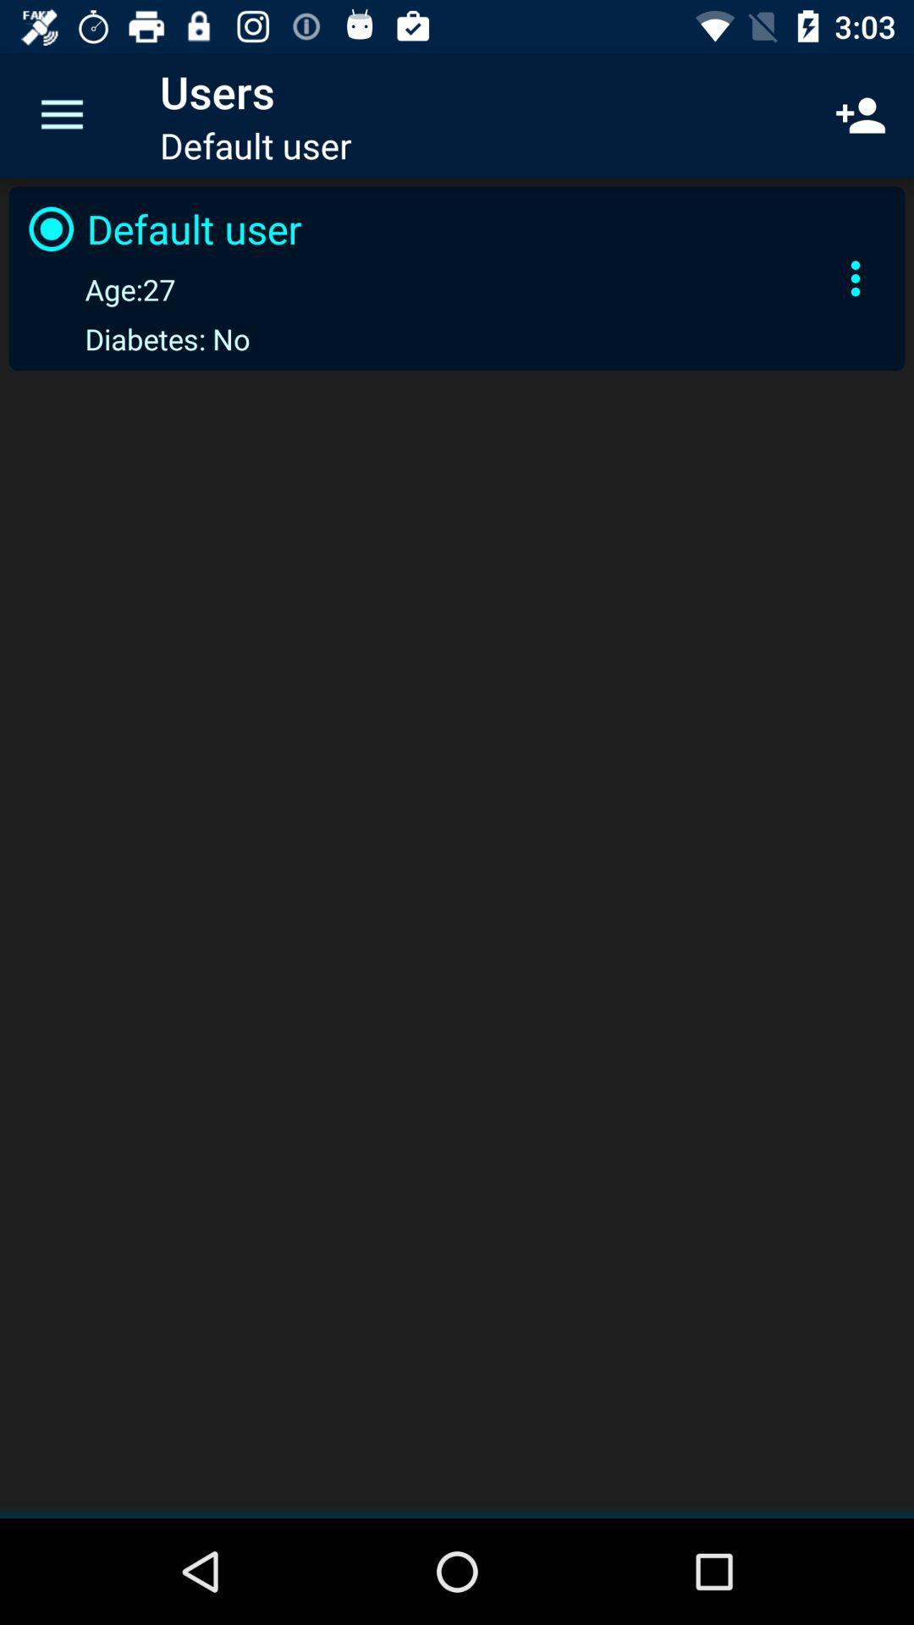 The image size is (914, 1625). What do you see at coordinates (61, 114) in the screenshot?
I see `item to the left of users icon` at bounding box center [61, 114].